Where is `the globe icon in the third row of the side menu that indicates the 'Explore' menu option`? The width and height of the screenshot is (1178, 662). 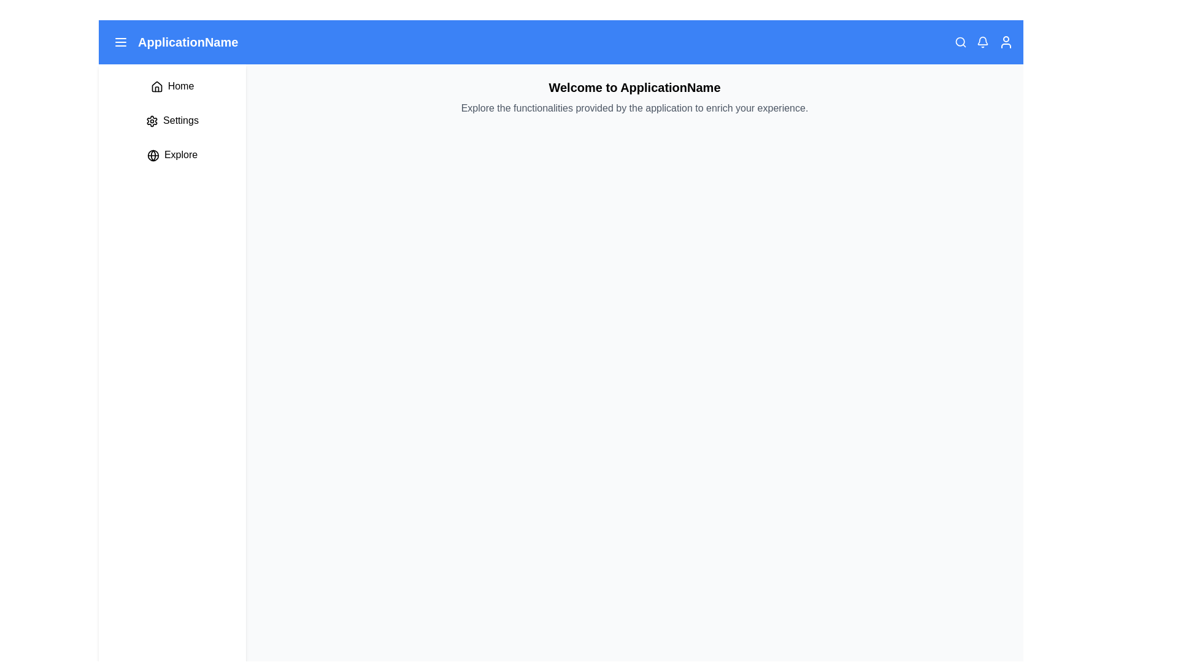 the globe icon in the third row of the side menu that indicates the 'Explore' menu option is located at coordinates (152, 154).